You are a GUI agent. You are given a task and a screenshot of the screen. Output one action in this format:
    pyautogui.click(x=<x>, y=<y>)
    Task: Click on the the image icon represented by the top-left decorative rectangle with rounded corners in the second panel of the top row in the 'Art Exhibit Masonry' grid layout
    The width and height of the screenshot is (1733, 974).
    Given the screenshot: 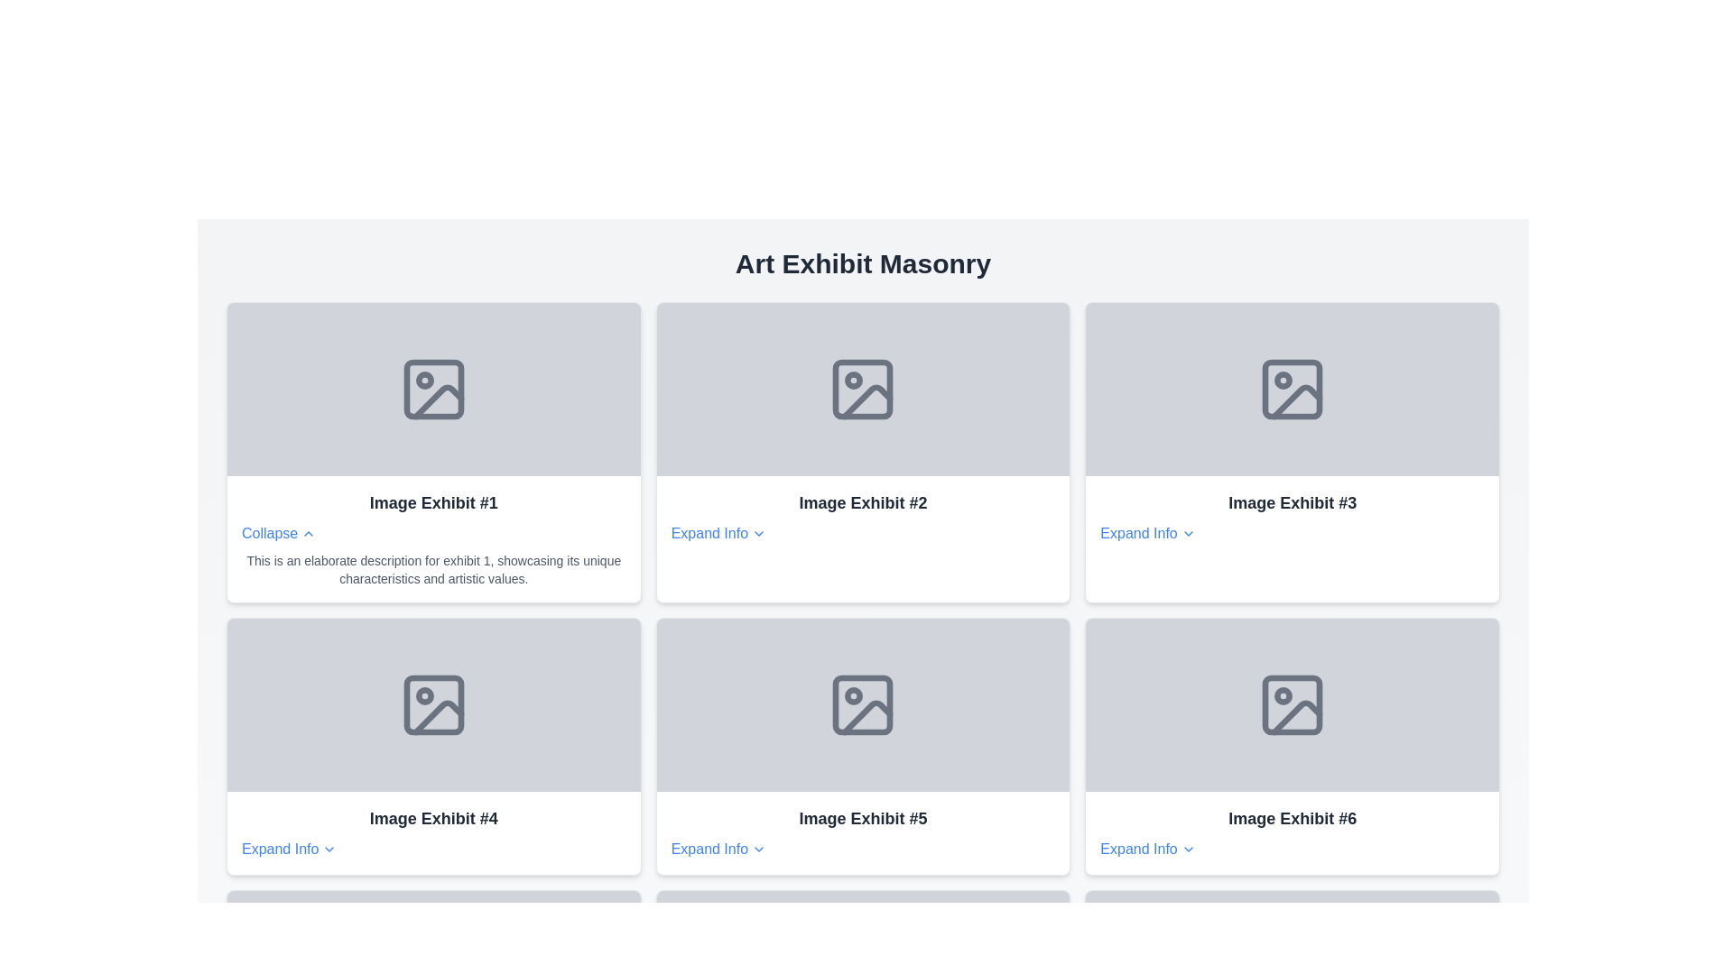 What is the action you would take?
    pyautogui.click(x=862, y=389)
    